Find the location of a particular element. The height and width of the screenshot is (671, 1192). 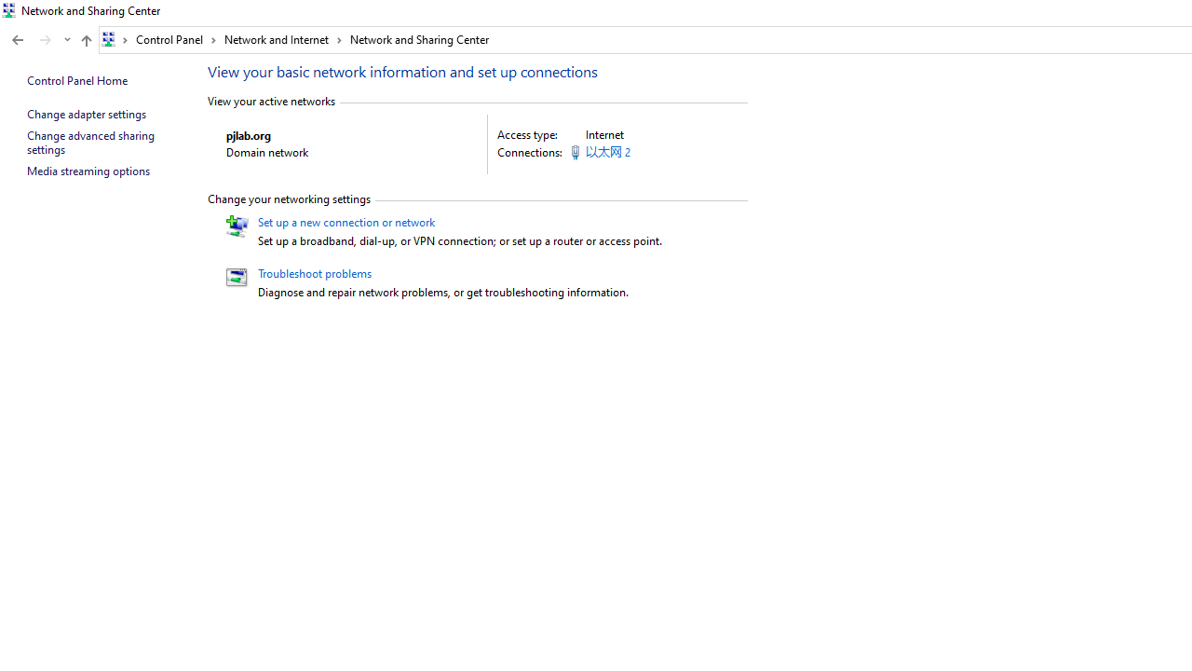

'Change adapter settings' is located at coordinates (85, 114).